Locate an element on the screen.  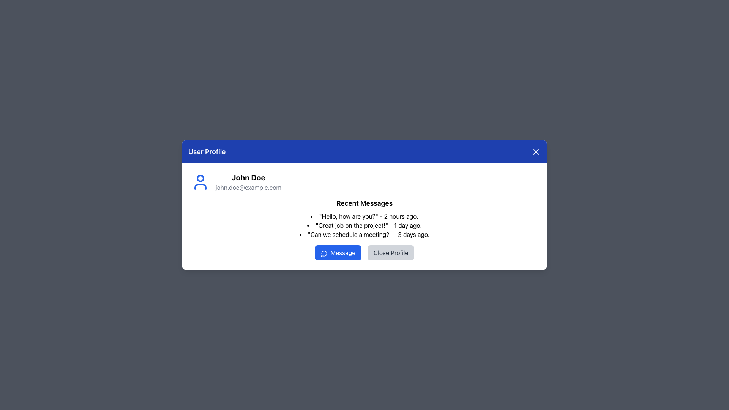
the close button located on the far-right side of the header bar labeled 'User Profile' is located at coordinates (535, 152).